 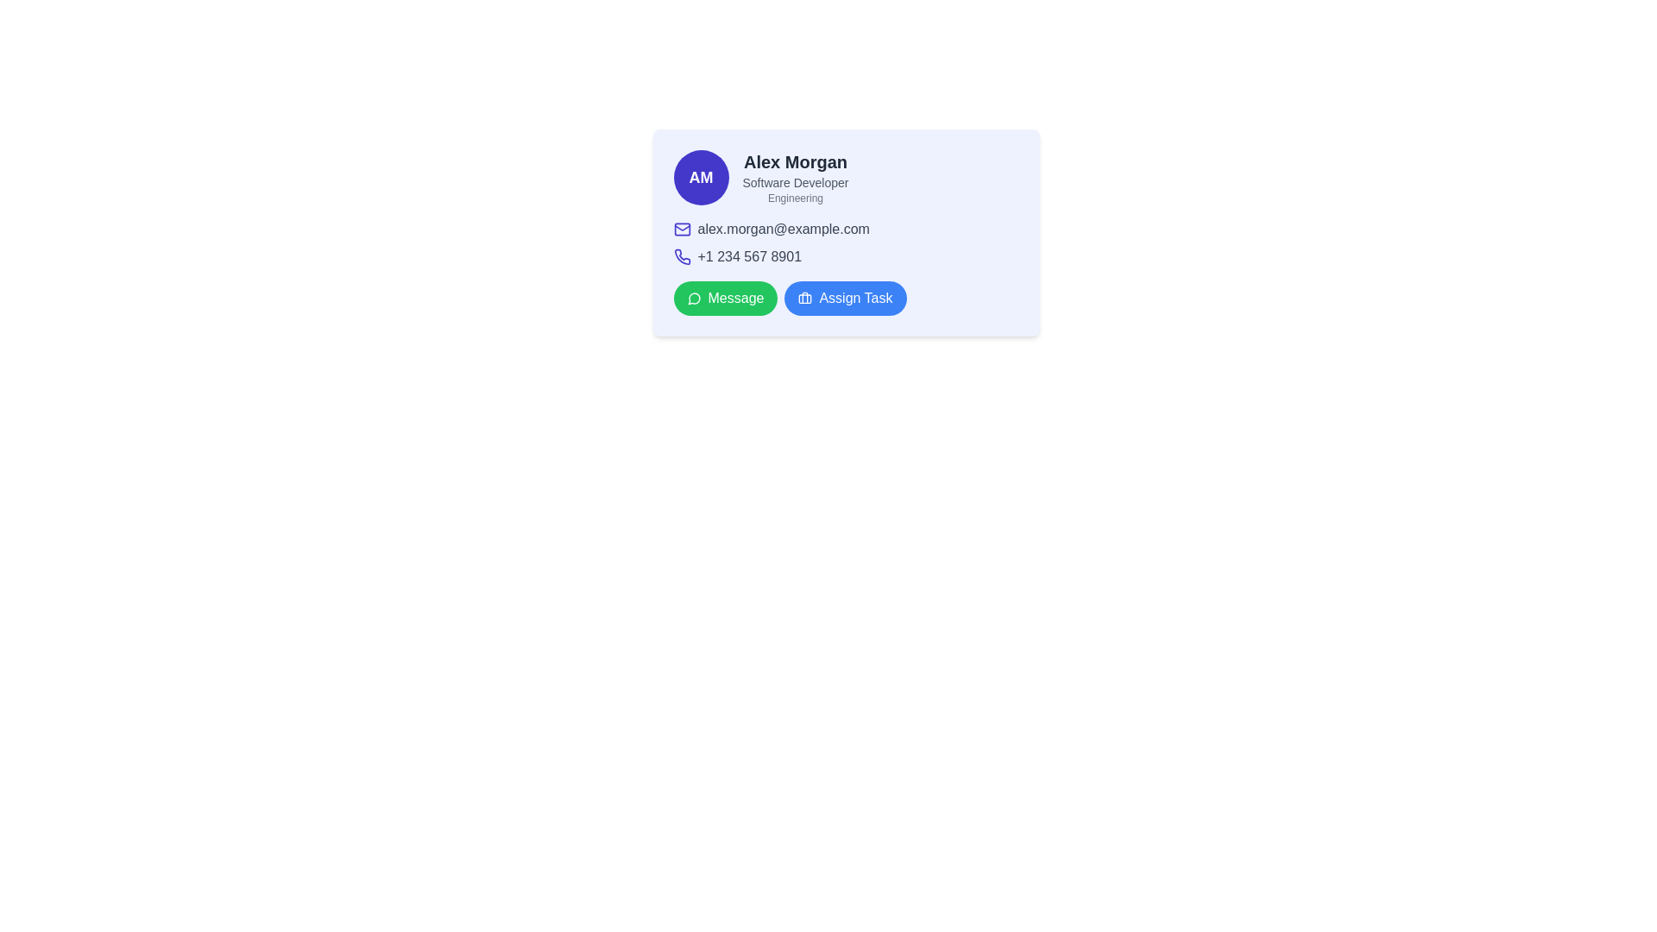 What do you see at coordinates (725, 298) in the screenshot?
I see `the green 'Message' button with a speech bubble icon to send a message` at bounding box center [725, 298].